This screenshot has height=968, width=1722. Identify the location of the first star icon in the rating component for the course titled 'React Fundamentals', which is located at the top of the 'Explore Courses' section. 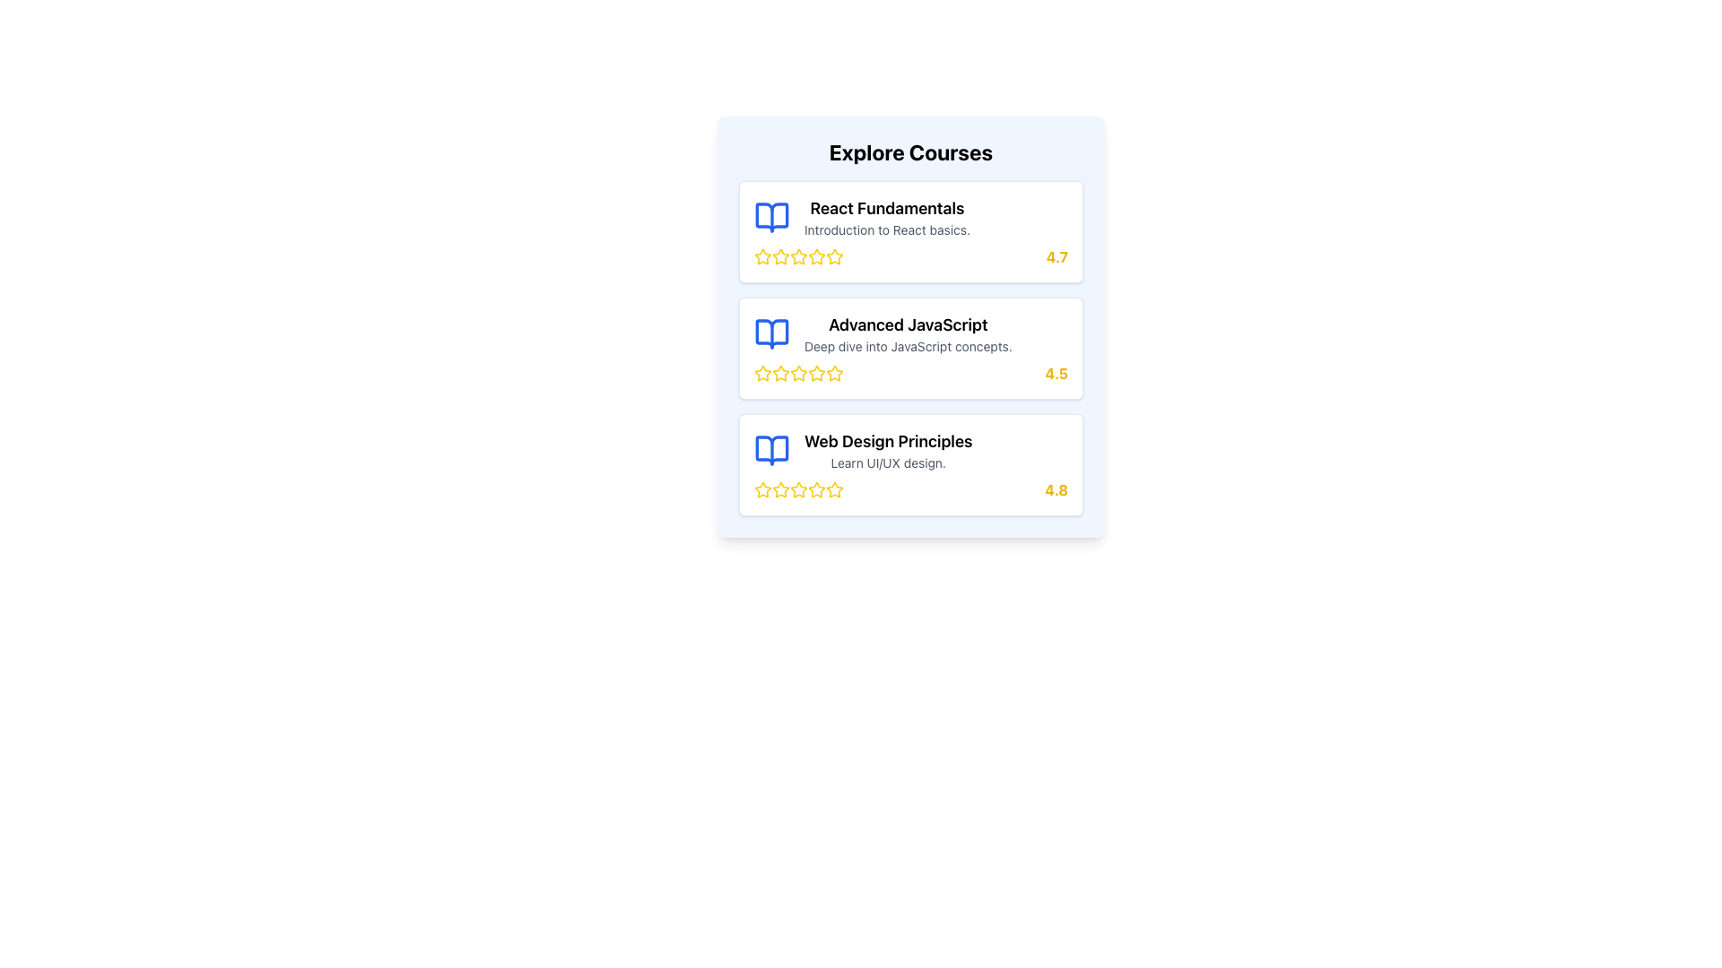
(762, 256).